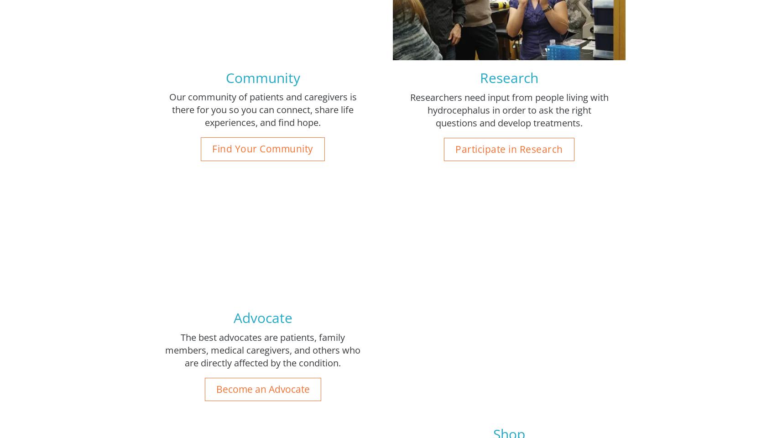 This screenshot has width=772, height=438. I want to click on 'Advocate', so click(262, 318).